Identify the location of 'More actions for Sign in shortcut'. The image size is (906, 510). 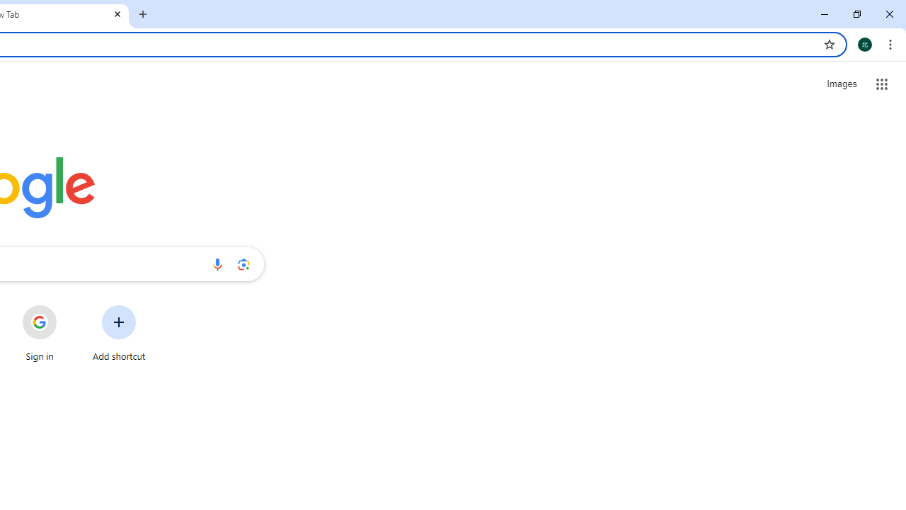
(67, 306).